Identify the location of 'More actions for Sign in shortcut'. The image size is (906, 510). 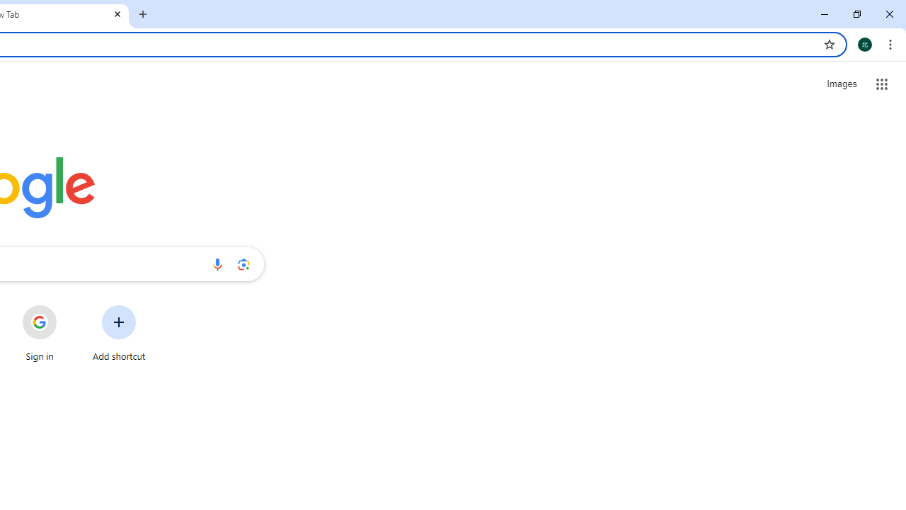
(67, 306).